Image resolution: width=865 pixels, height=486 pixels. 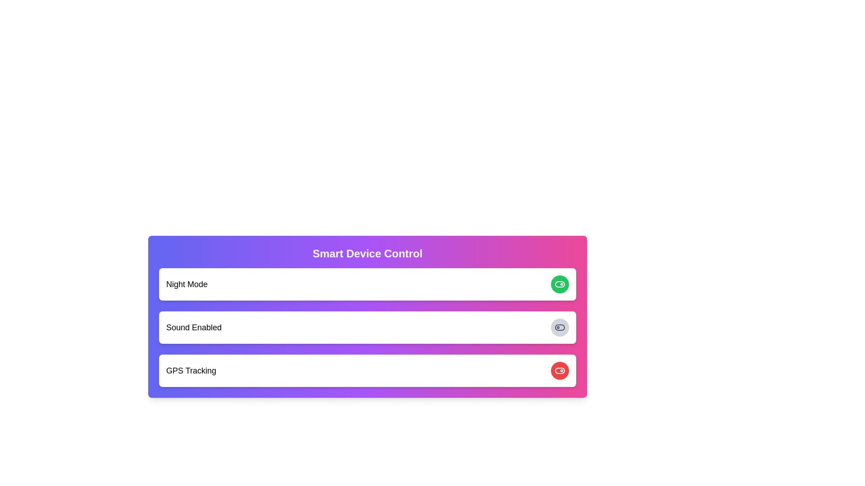 What do you see at coordinates (560, 371) in the screenshot?
I see `the third interactive Toggle button for GPS Tracking located at the far right of the 'Smart Device Control' card` at bounding box center [560, 371].